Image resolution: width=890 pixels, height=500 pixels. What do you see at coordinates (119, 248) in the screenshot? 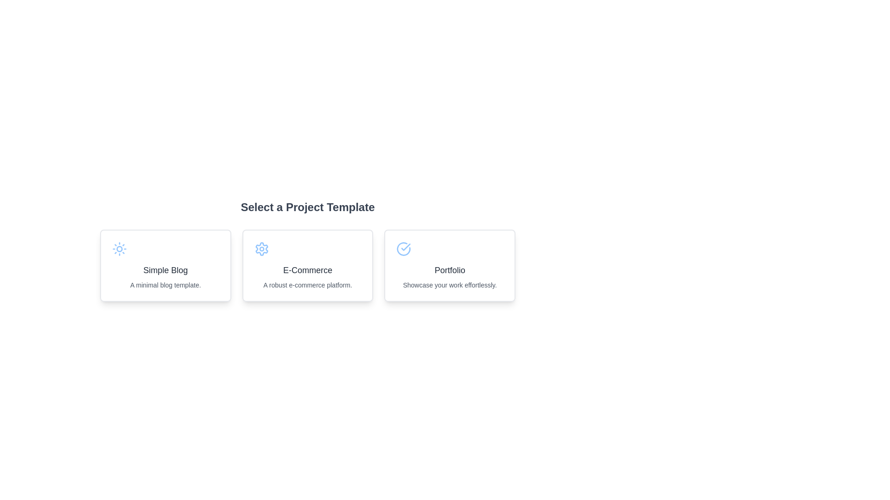
I see `the small decorative circle within the sun icon located in the 'Simple Blog' card, which is positioned on the left side of the page` at bounding box center [119, 248].